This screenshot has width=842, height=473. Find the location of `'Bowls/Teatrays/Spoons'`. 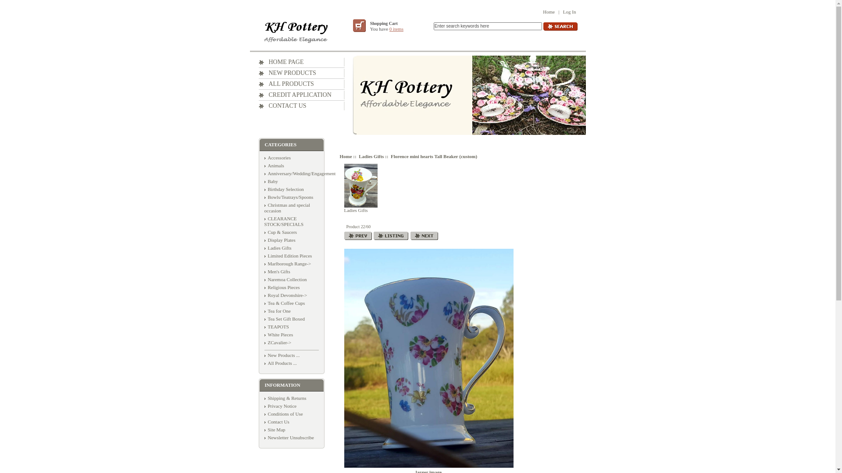

'Bowls/Teatrays/Spoons' is located at coordinates (263, 197).